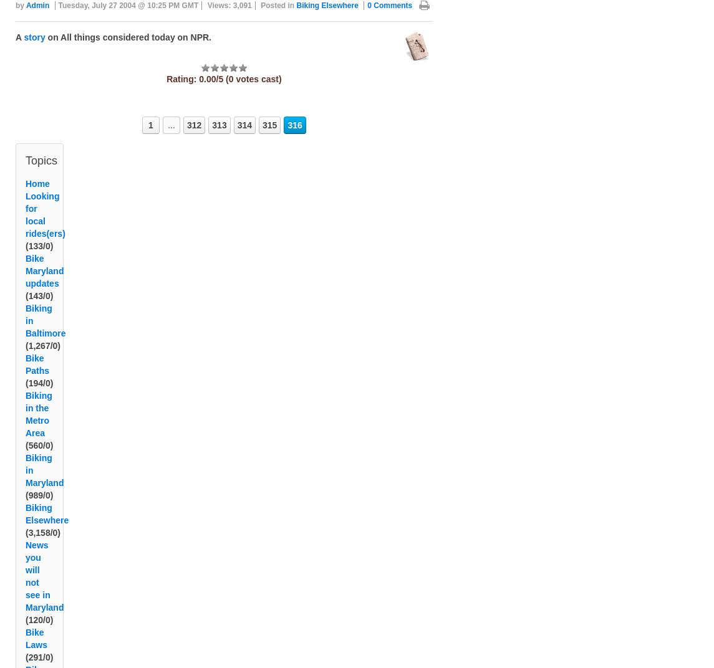 The image size is (714, 668). I want to click on '(3,158/0)', so click(43, 548).